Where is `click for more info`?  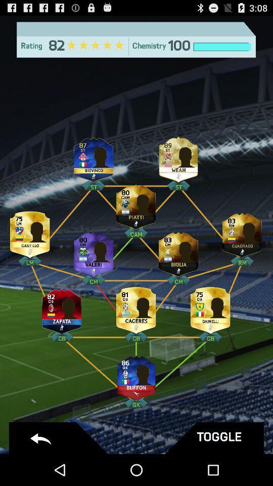 click for more info is located at coordinates (178, 157).